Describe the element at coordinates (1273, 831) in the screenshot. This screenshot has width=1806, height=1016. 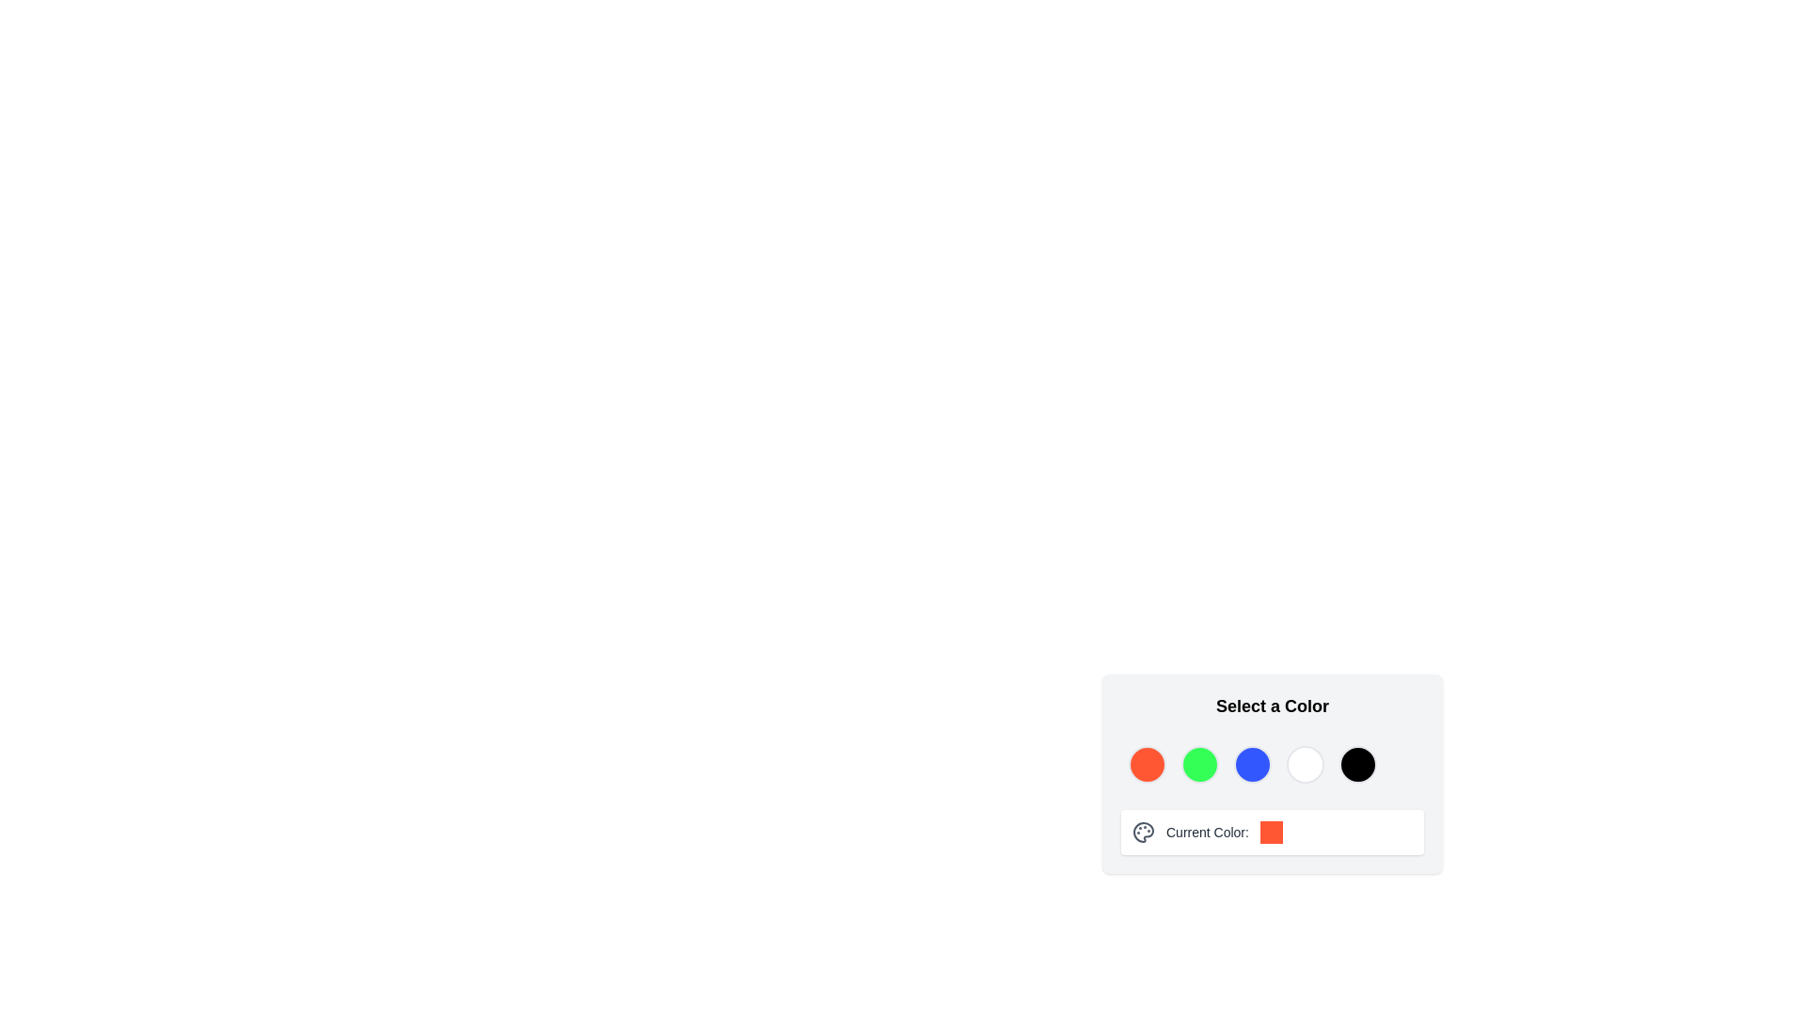
I see `the displayed color information in the Information display area located under the circular color selectors in the 'Select a Color' section` at that location.